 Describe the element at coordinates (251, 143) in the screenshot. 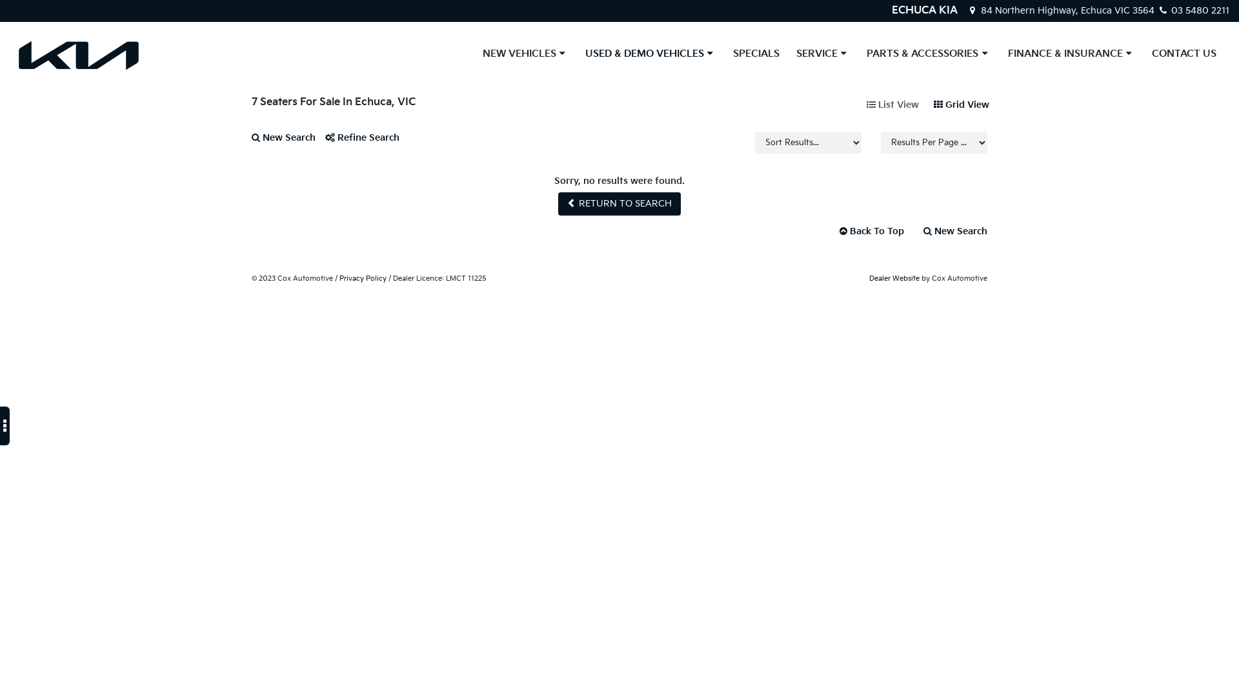

I see `'New Search'` at that location.